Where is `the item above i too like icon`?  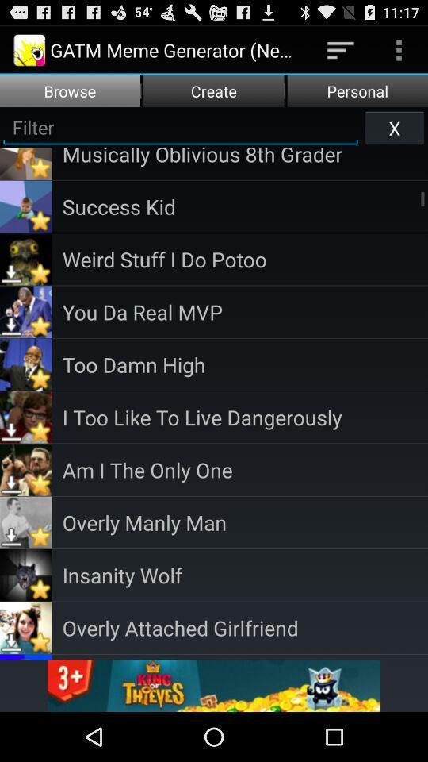
the item above i too like icon is located at coordinates (245, 364).